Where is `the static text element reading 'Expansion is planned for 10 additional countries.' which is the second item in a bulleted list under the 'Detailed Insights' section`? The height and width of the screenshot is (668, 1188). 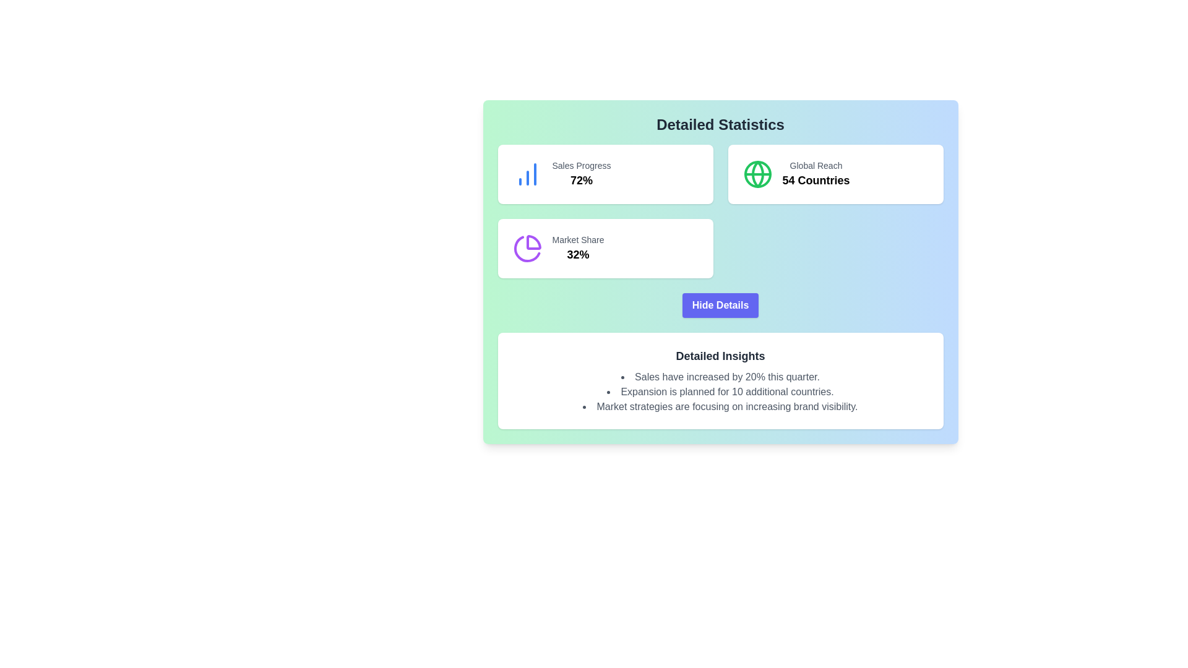
the static text element reading 'Expansion is planned for 10 additional countries.' which is the second item in a bulleted list under the 'Detailed Insights' section is located at coordinates (720, 392).